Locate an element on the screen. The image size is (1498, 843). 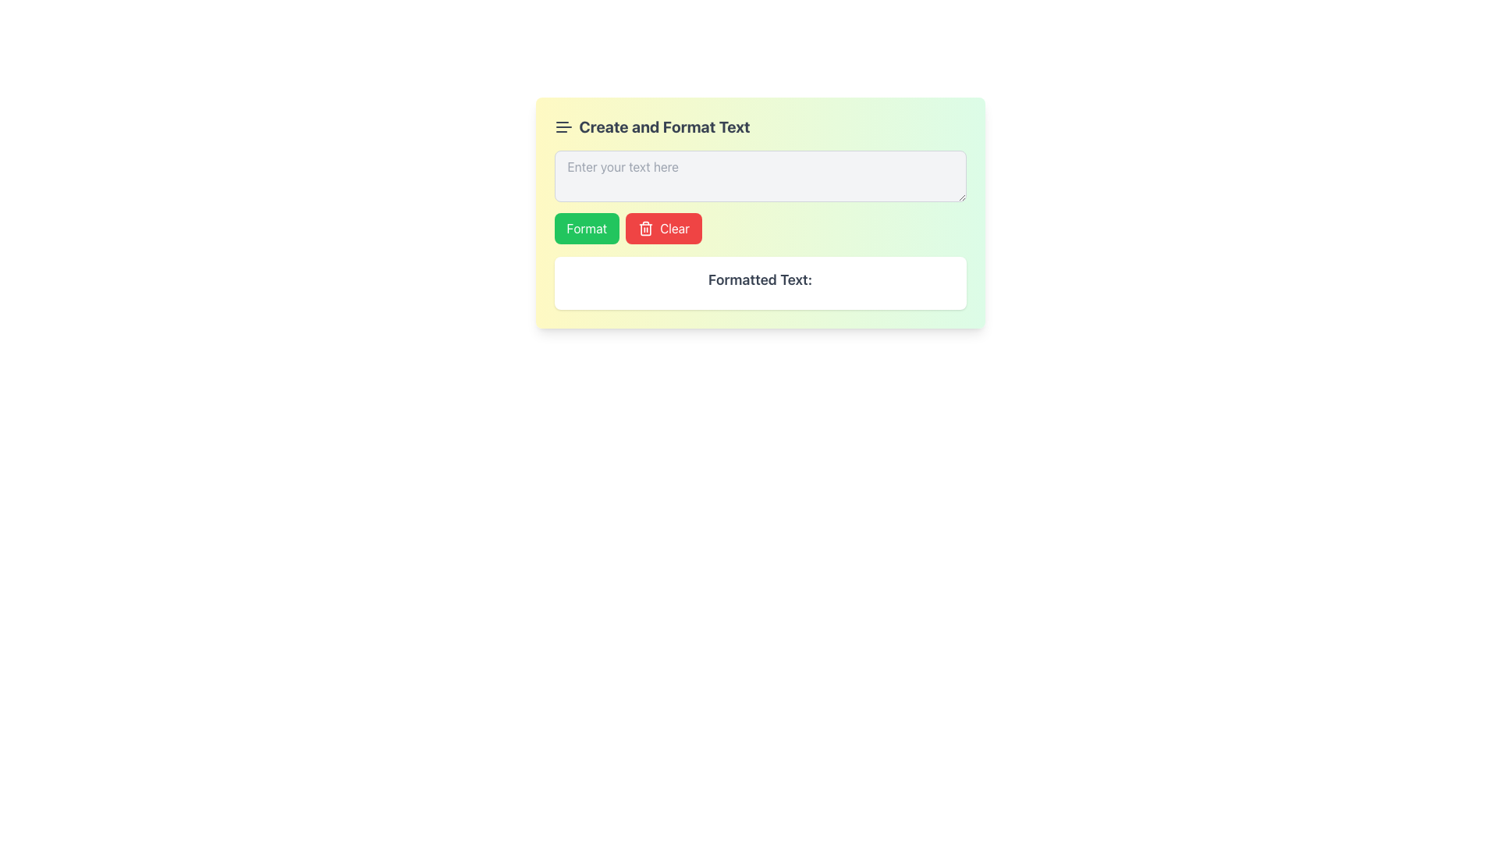
the clear button located to the right of the green 'Format' button, below the text input field labeled 'Enter your text here' is located at coordinates (664, 229).